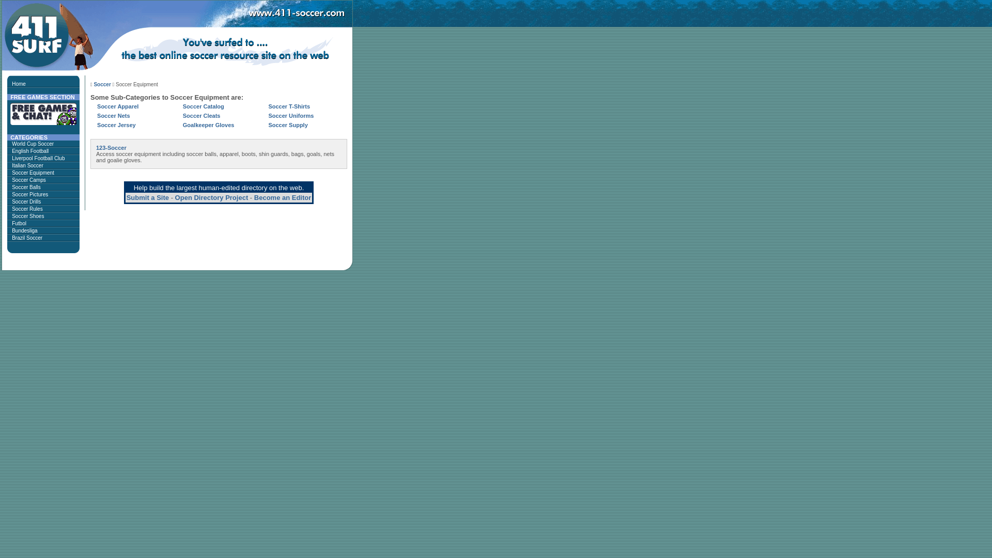  I want to click on 'Goalkeeper Gloves', so click(208, 125).